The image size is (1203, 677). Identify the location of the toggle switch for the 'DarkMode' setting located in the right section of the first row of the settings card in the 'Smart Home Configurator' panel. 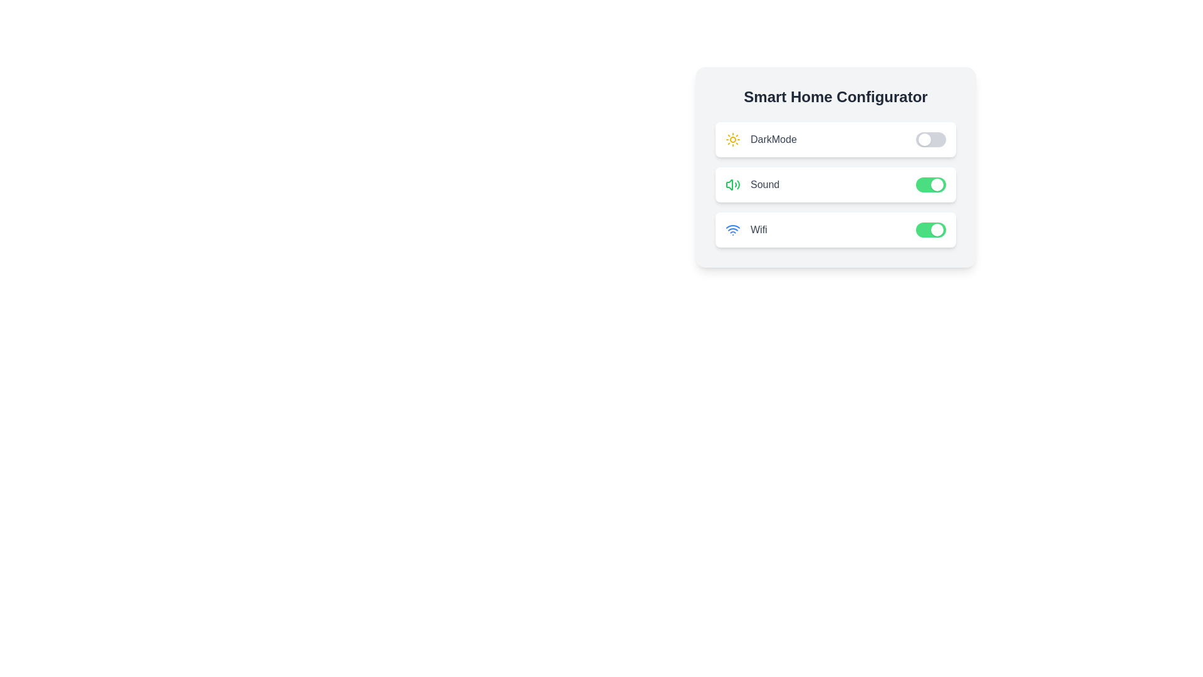
(931, 140).